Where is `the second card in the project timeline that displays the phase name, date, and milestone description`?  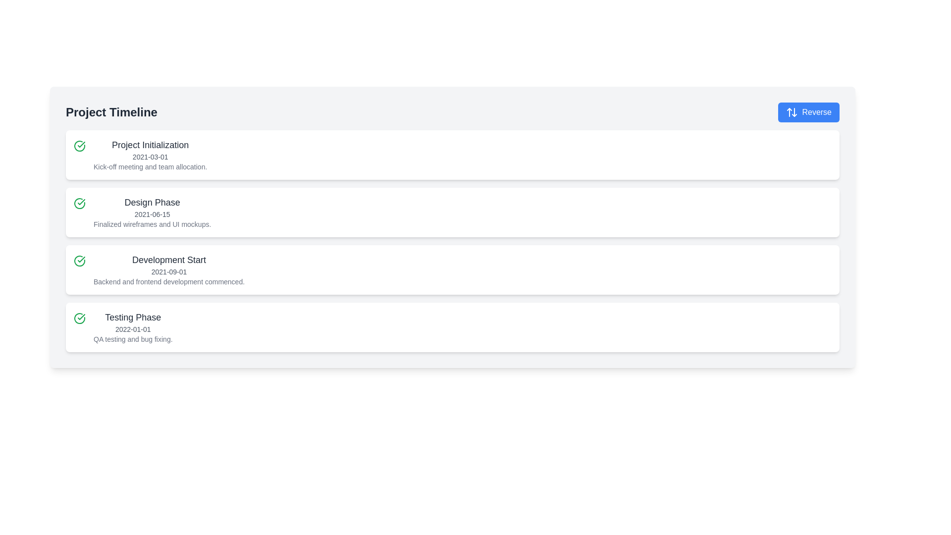
the second card in the project timeline that displays the phase name, date, and milestone description is located at coordinates (152, 212).